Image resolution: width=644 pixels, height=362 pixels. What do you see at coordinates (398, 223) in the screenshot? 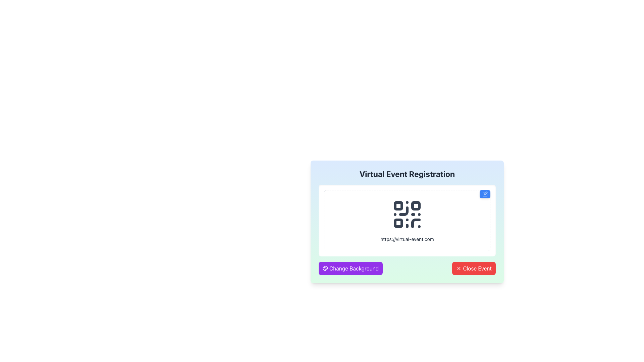
I see `the decorative graphical shape located in the bottom-left corner of the QR code within the 'Virtual Event Registration' modal` at bounding box center [398, 223].